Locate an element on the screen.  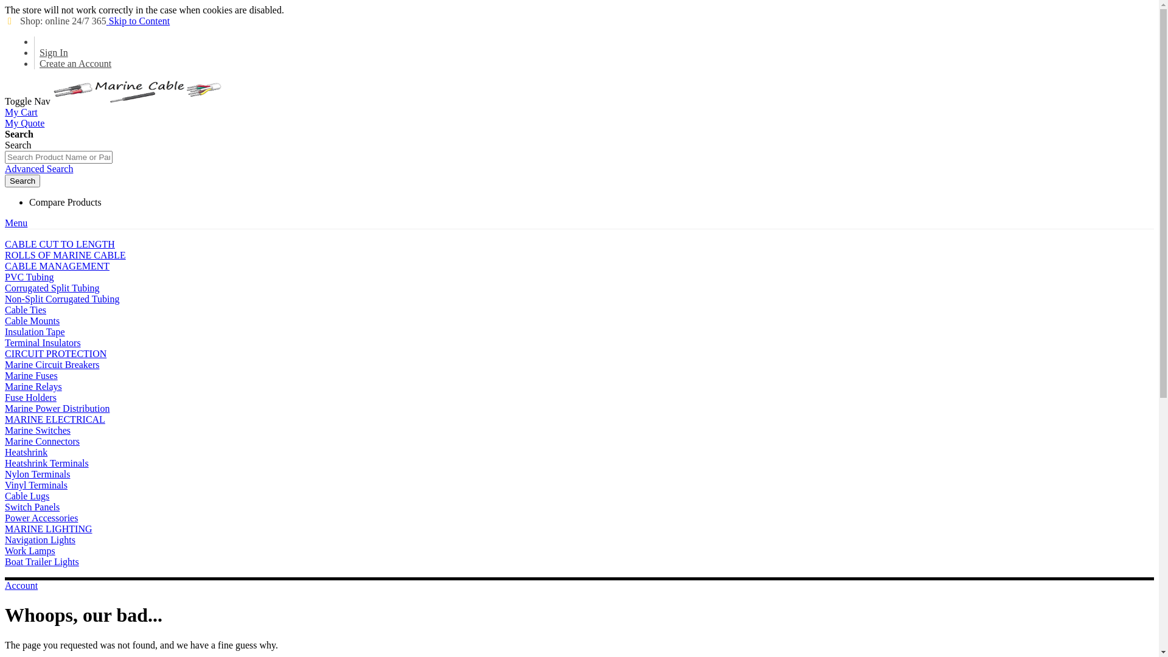
'Heatshrink' is located at coordinates (26, 452).